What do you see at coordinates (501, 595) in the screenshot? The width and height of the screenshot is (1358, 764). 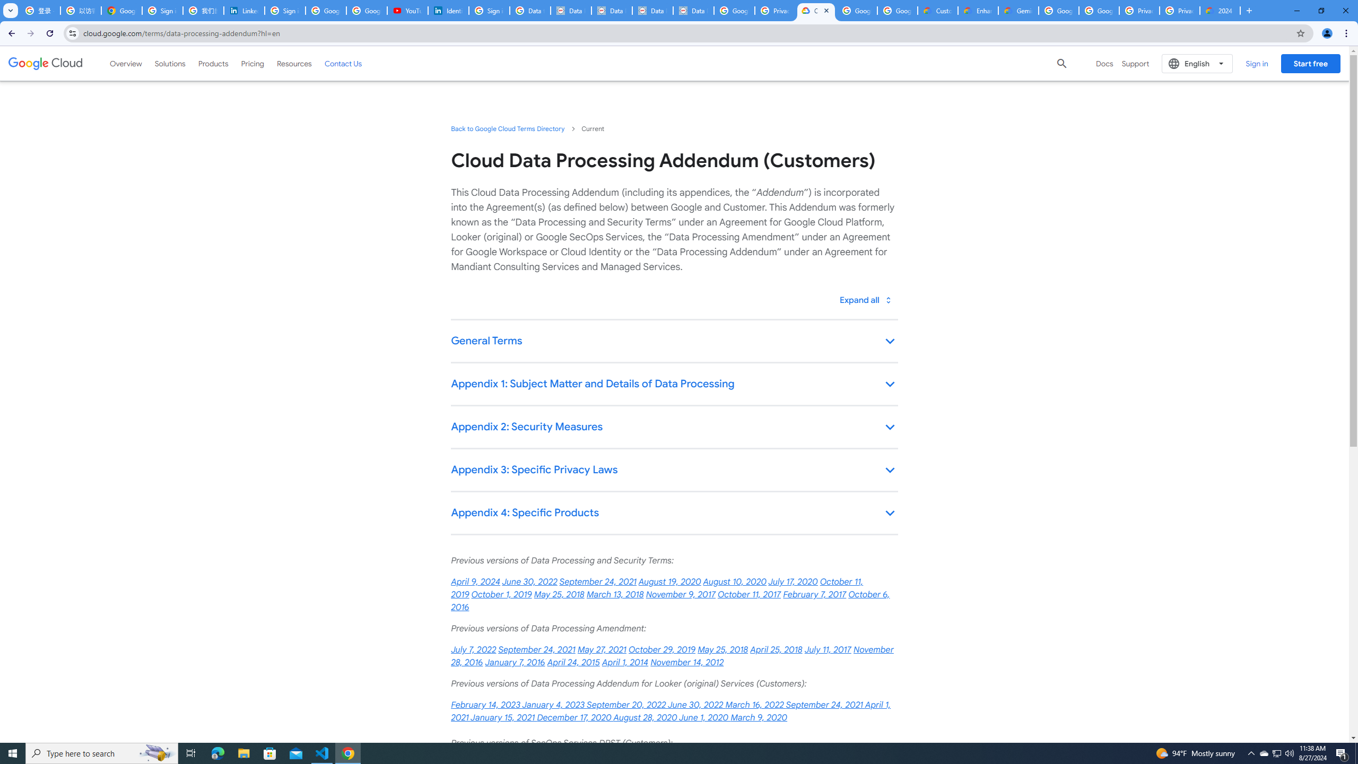 I see `'October 1, 2019'` at bounding box center [501, 595].